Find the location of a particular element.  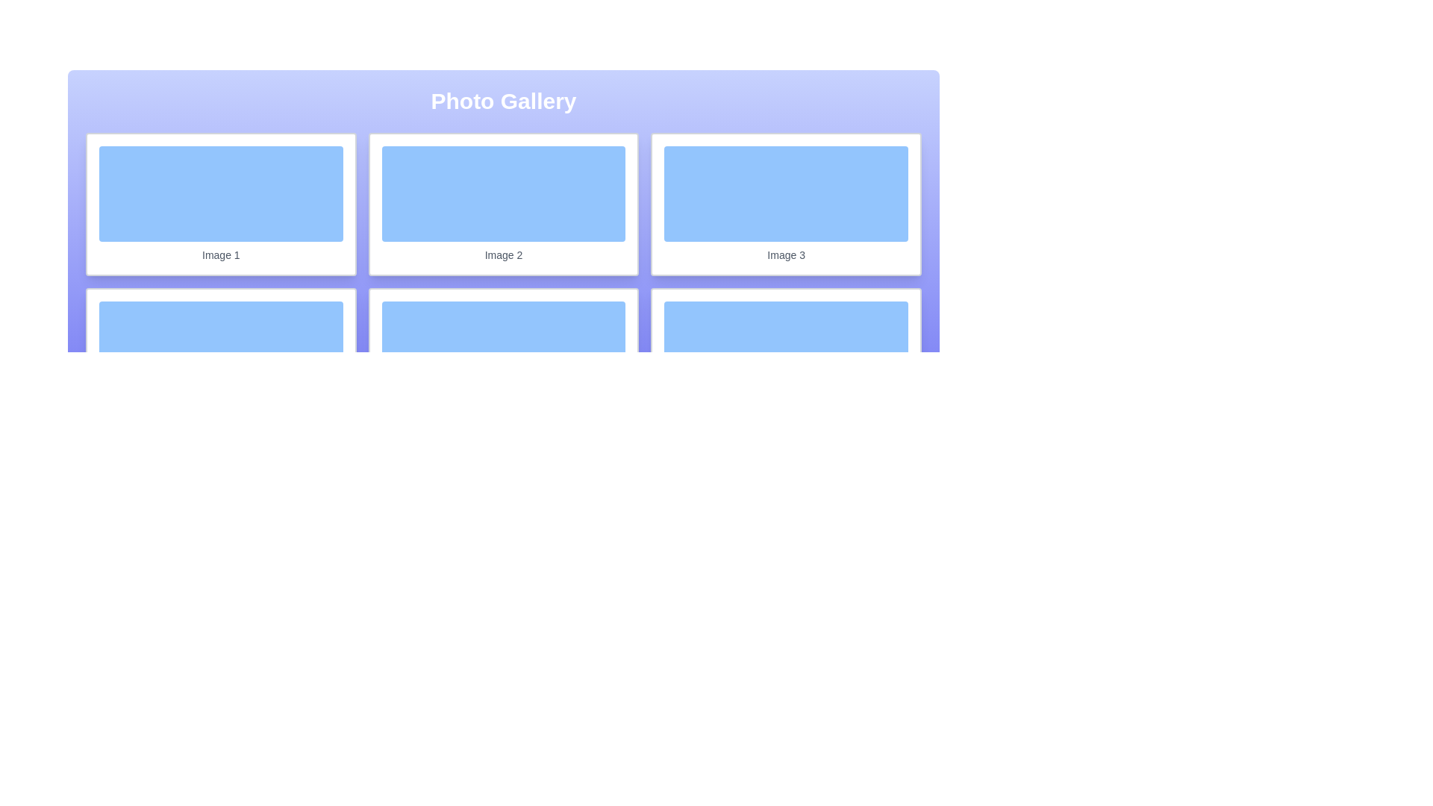

the first card in the grid layout representing 'Image 1' is located at coordinates (220, 204).